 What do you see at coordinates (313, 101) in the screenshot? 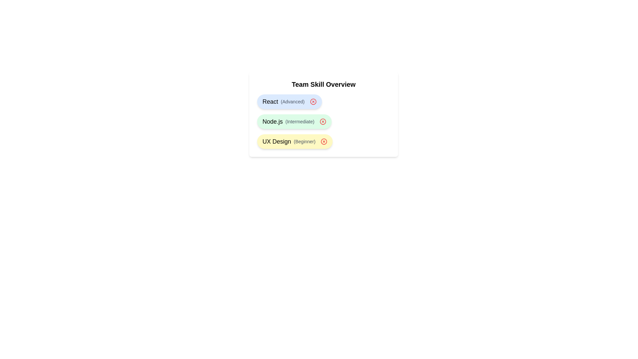
I see `delete button for the skill React` at bounding box center [313, 101].